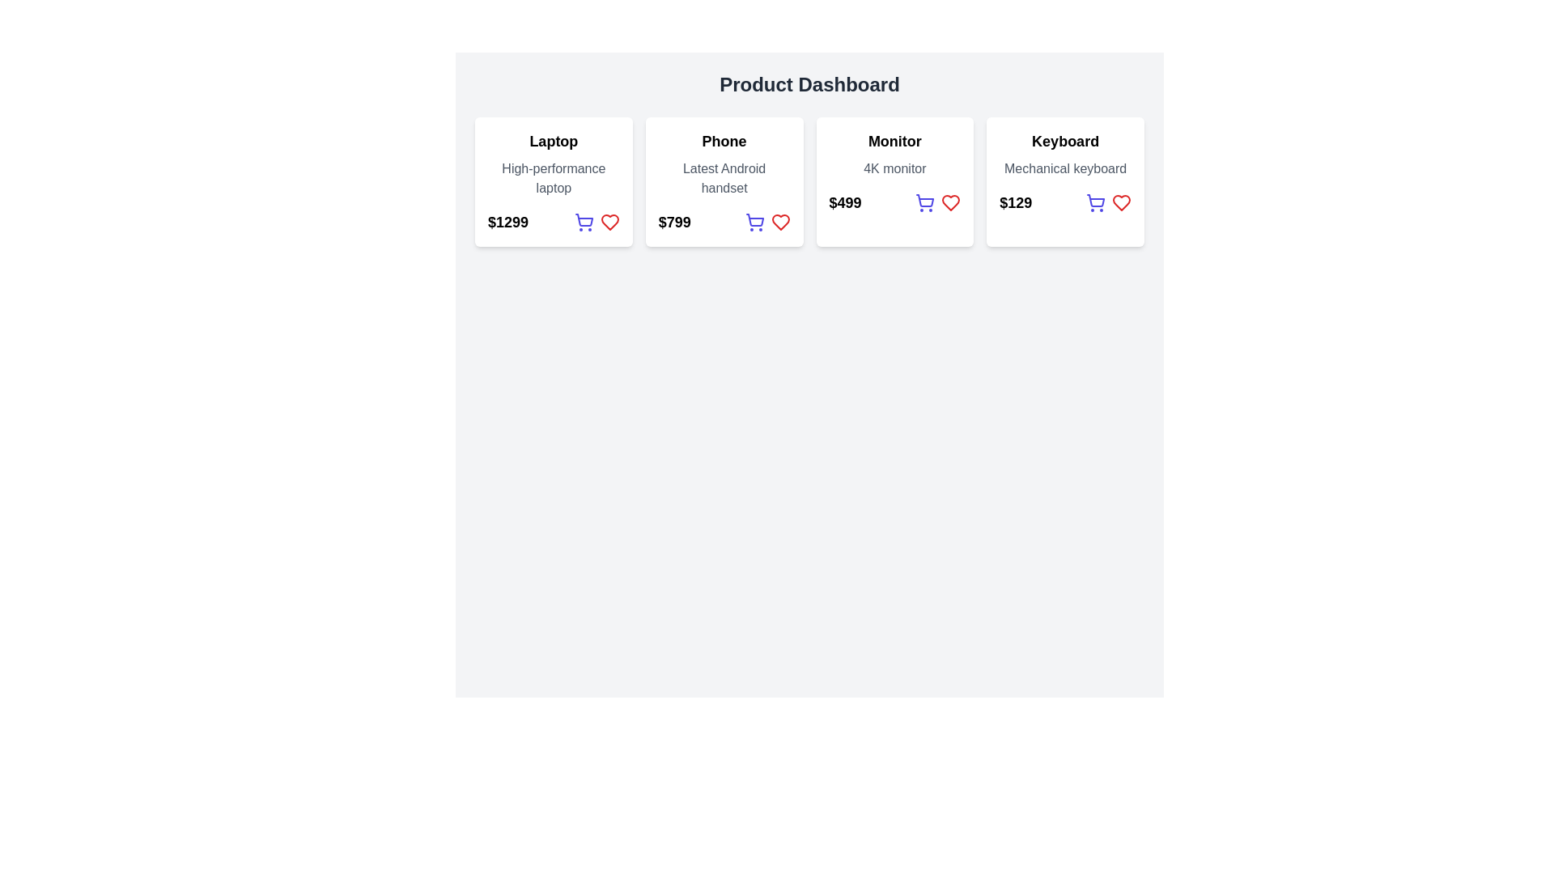 The height and width of the screenshot is (874, 1554). Describe the element at coordinates (1065, 140) in the screenshot. I see `the text label that serves as the title of a product card in the fourth column of a horizontally aligned grid` at that location.